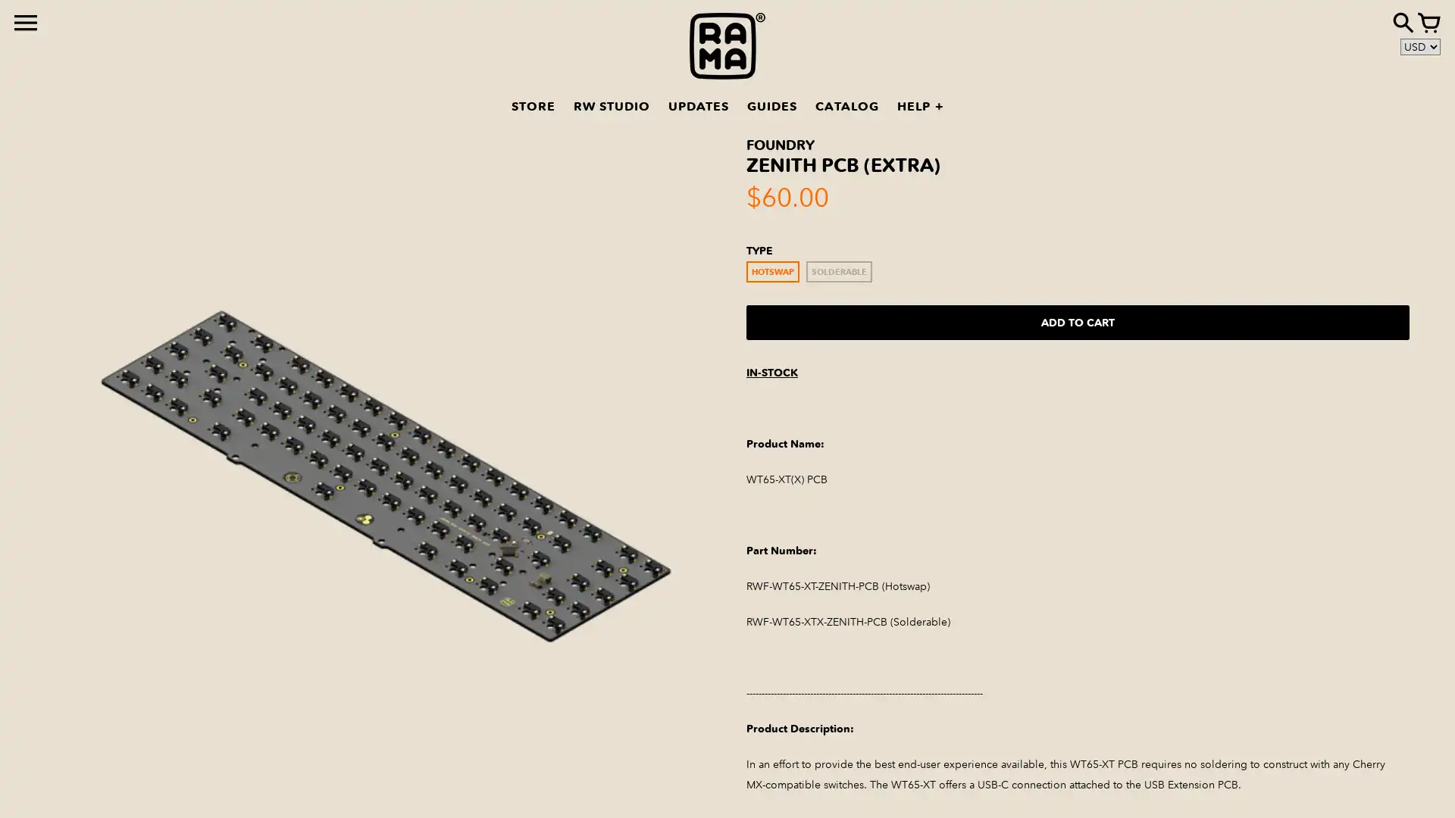 The width and height of the screenshot is (1455, 818). What do you see at coordinates (1077, 321) in the screenshot?
I see `ADD TO CART` at bounding box center [1077, 321].